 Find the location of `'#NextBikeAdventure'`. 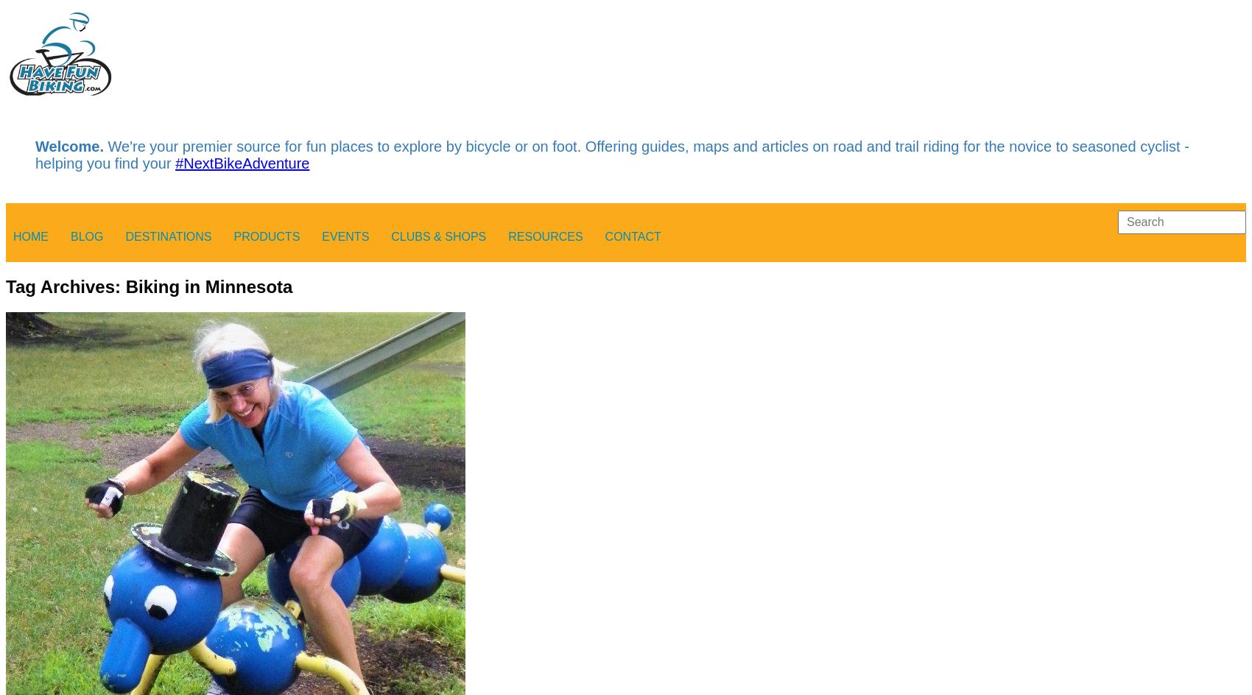

'#NextBikeAdventure' is located at coordinates (241, 163).